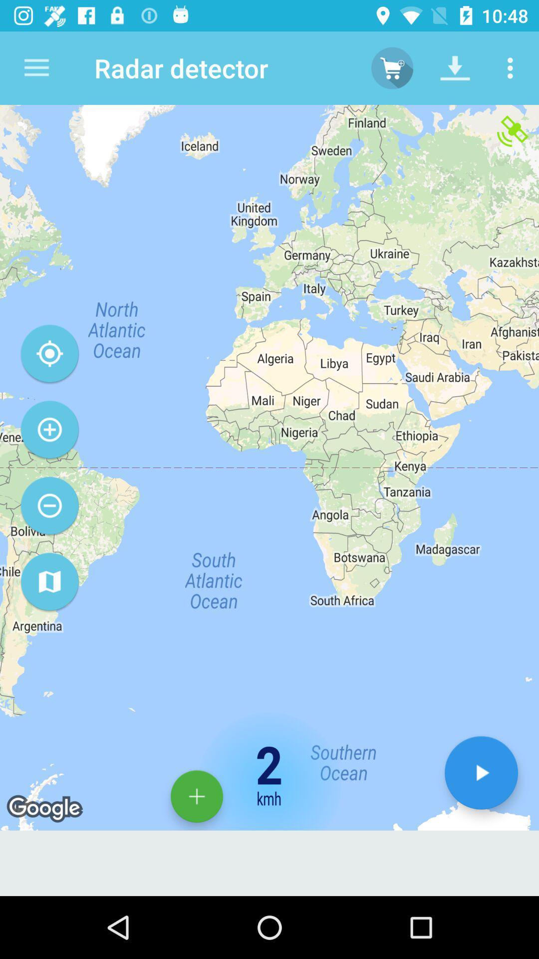 This screenshot has height=959, width=539. Describe the element at coordinates (481, 772) in the screenshot. I see `the play icon` at that location.